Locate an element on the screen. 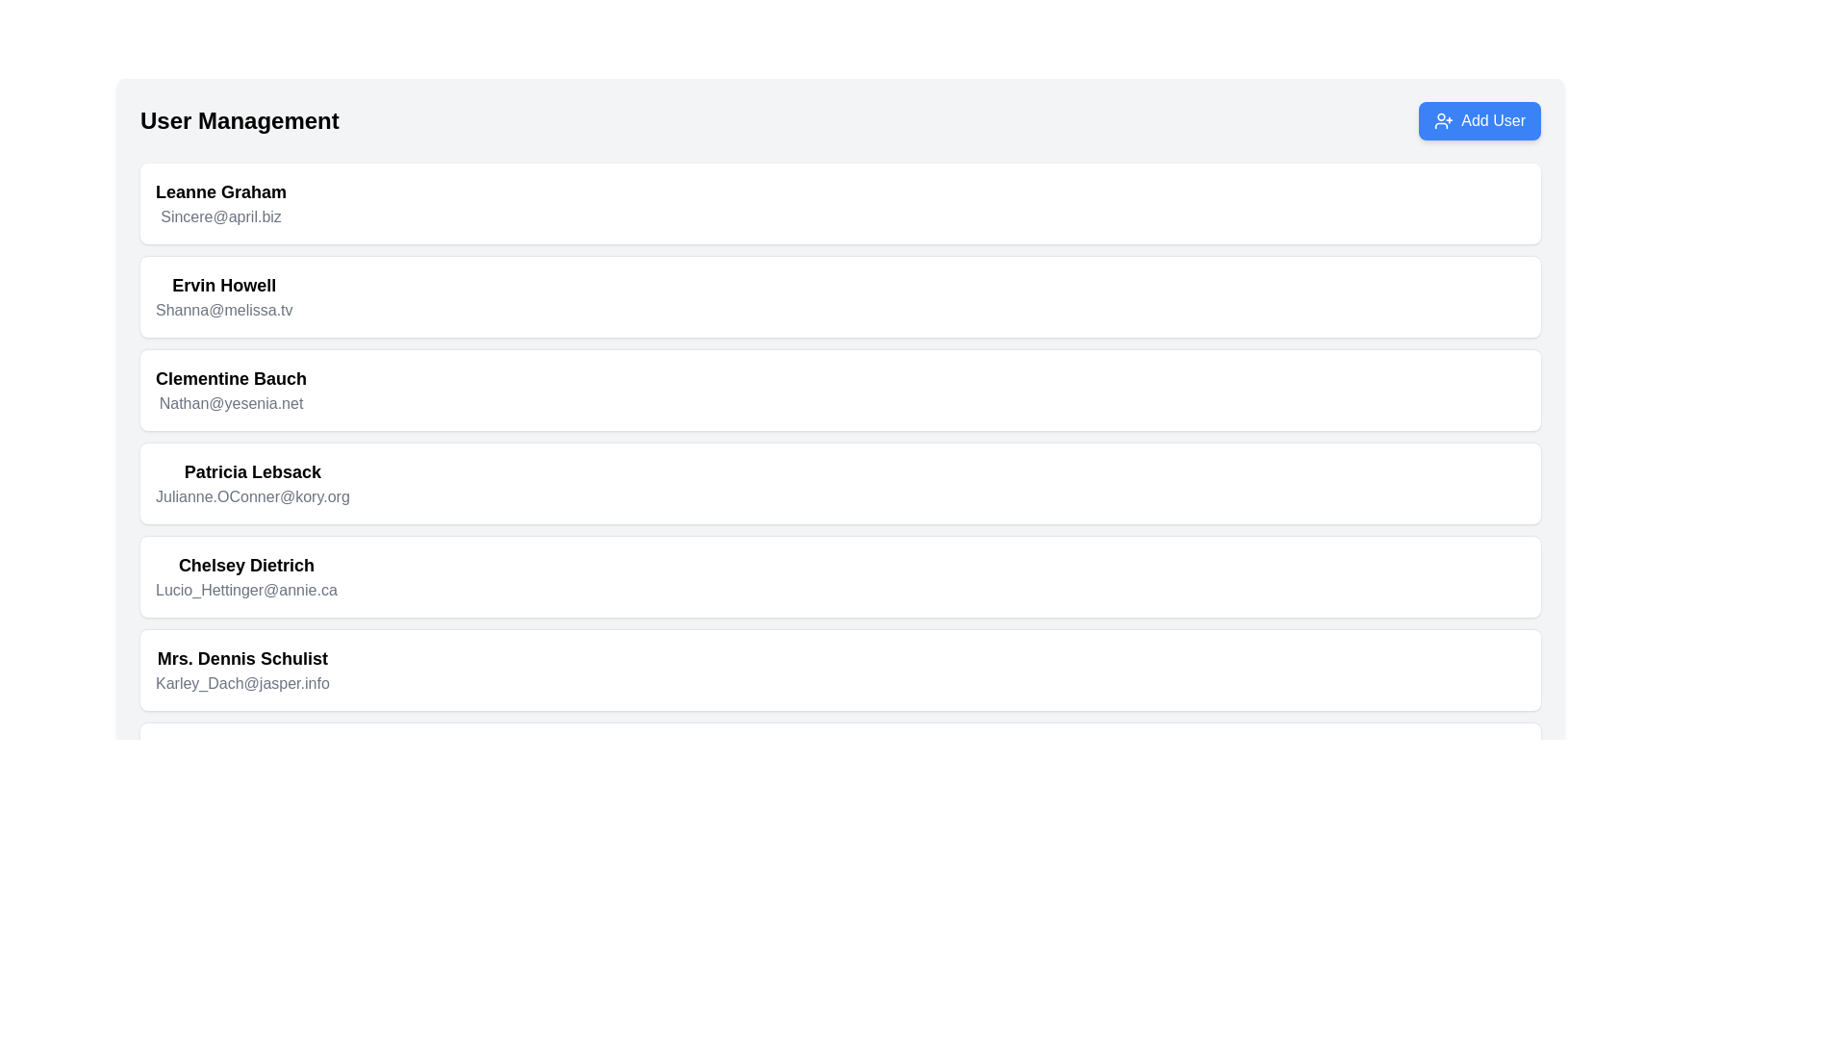 This screenshot has width=1847, height=1039. the Text content display that shows the user's name and email address, located is located at coordinates (241, 670).